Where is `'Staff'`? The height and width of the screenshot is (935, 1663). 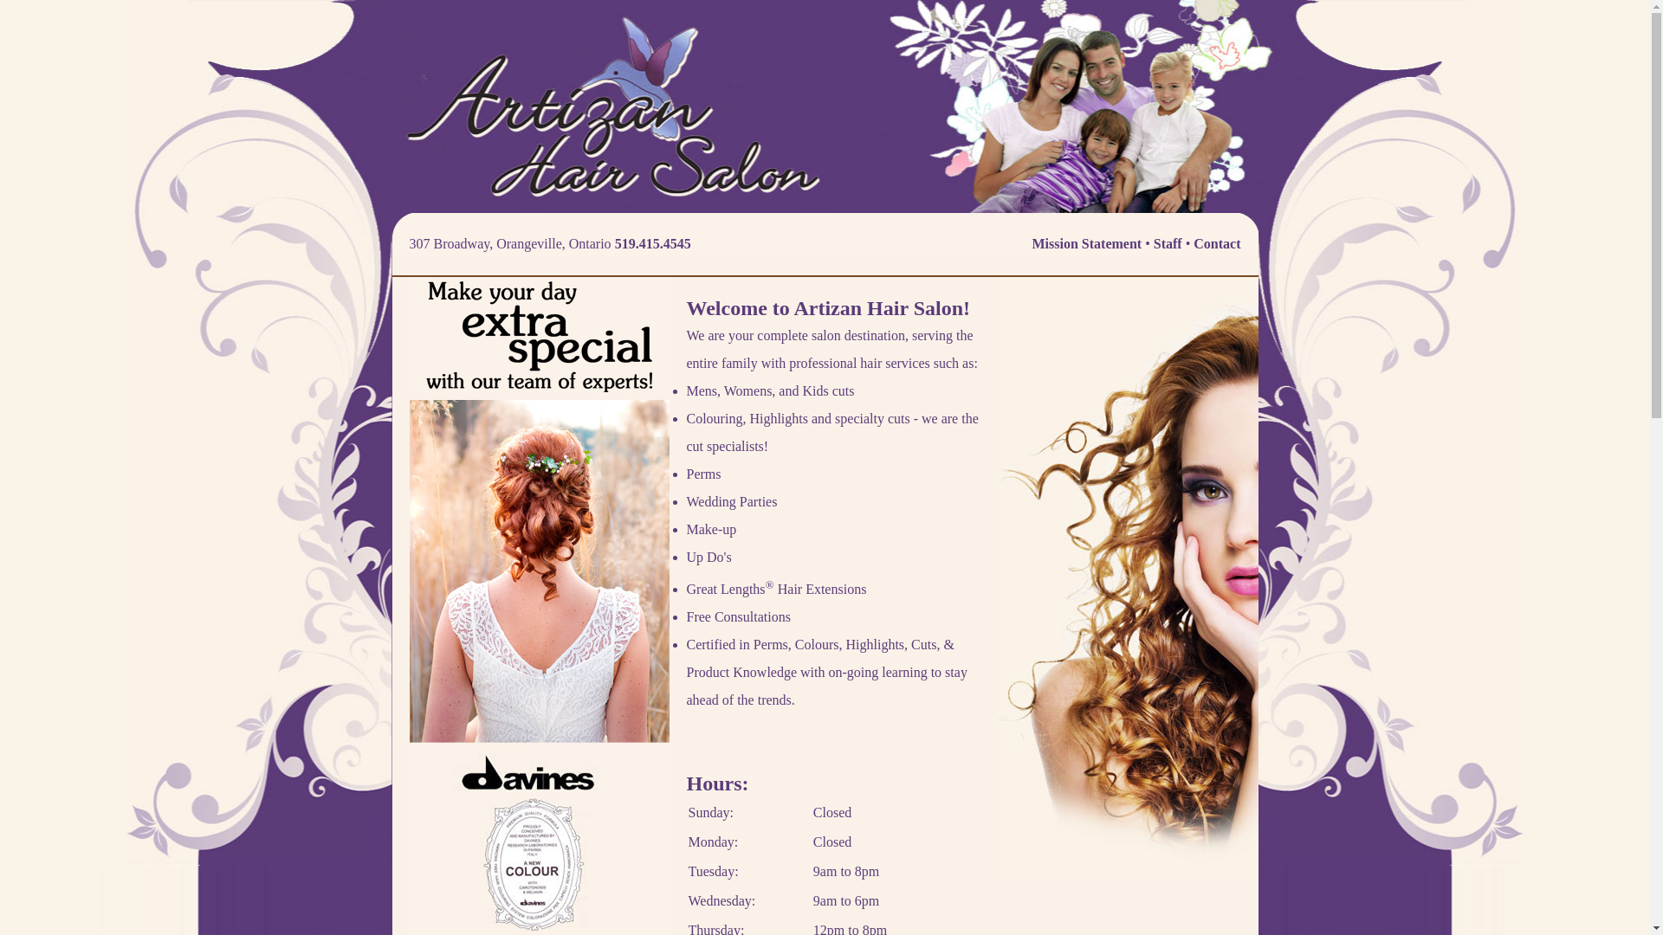
'Staff' is located at coordinates (1168, 243).